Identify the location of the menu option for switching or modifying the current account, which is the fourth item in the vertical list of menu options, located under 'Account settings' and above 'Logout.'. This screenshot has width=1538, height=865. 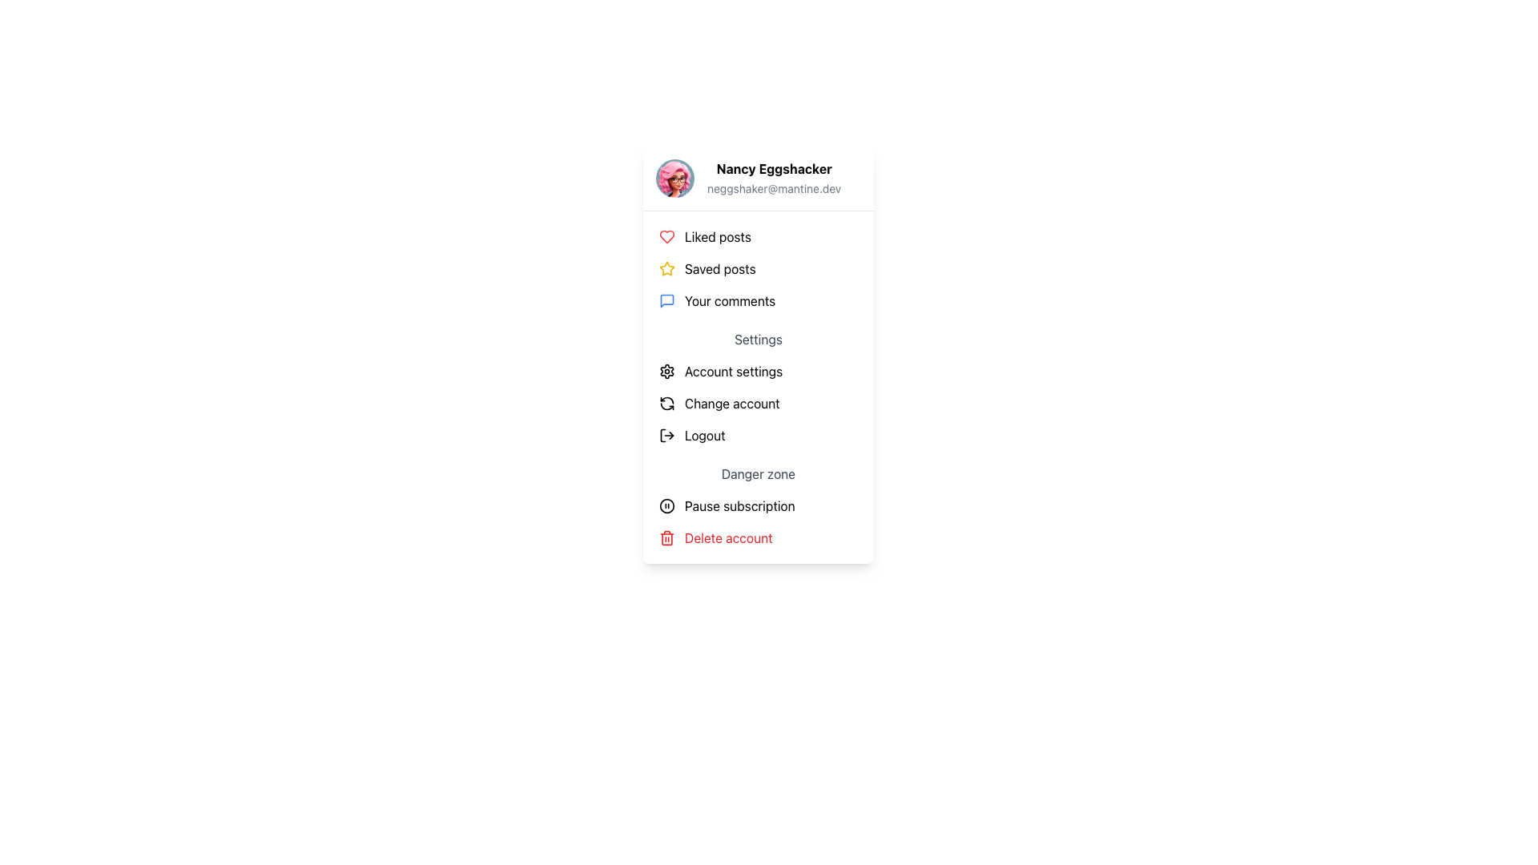
(731, 403).